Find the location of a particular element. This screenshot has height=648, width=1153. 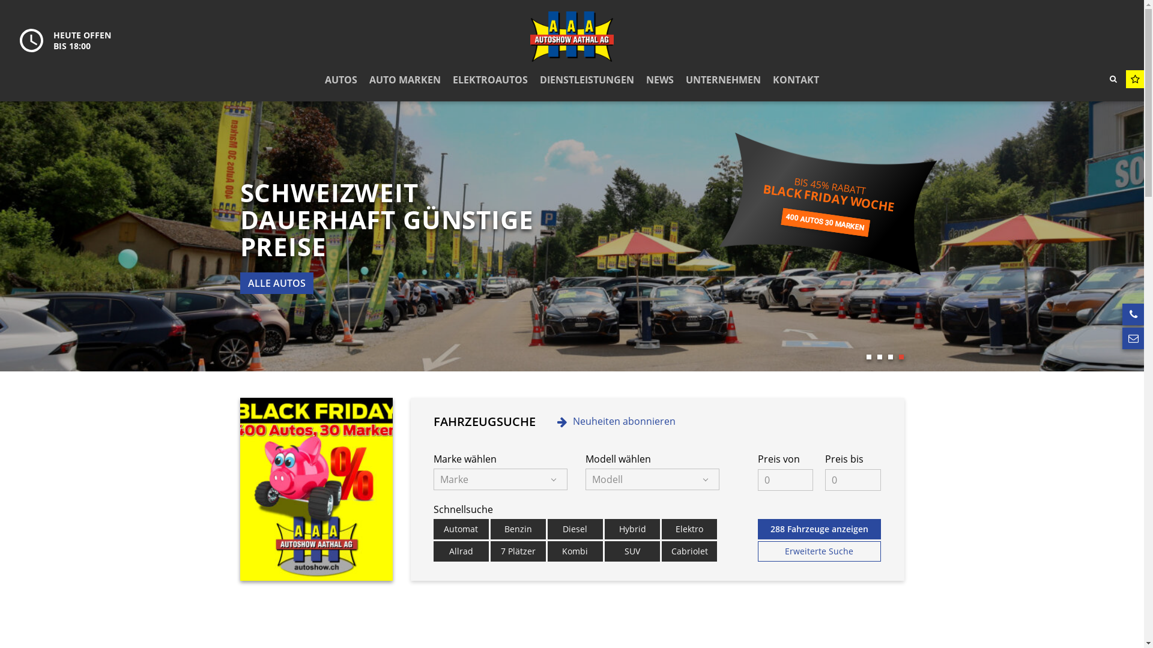

'Search' is located at coordinates (1101, 79).